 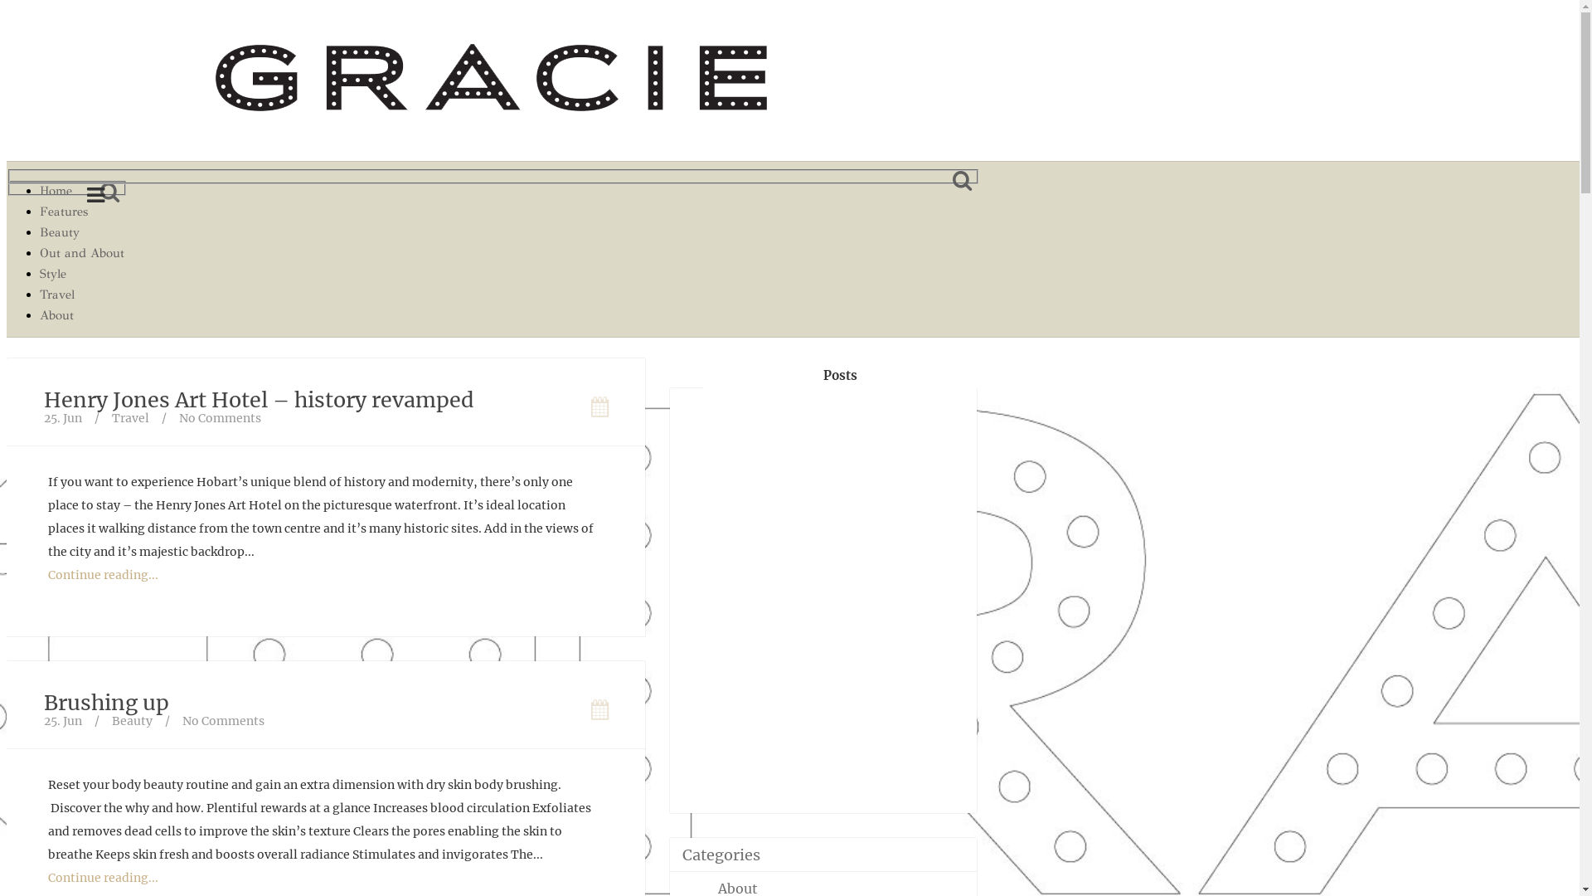 I want to click on 'Travel', so click(x=81, y=294).